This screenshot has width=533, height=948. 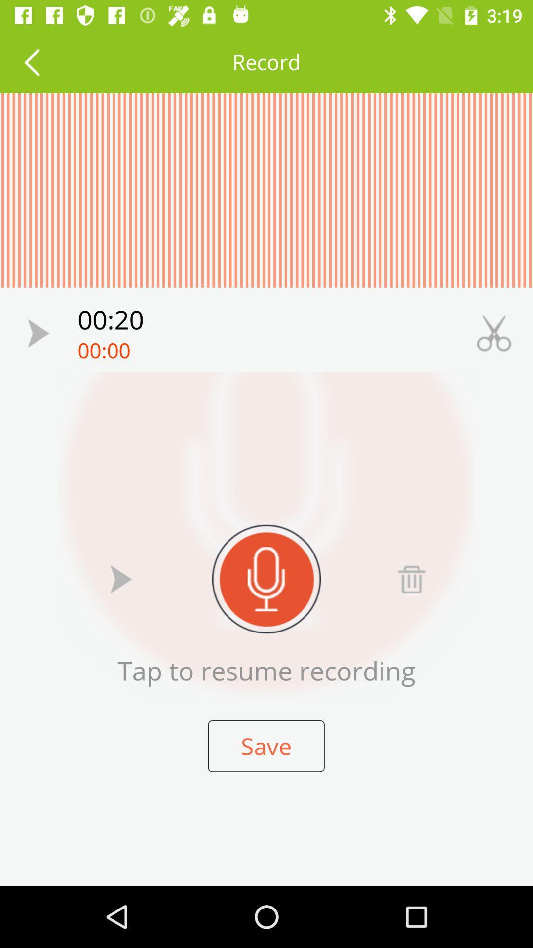 What do you see at coordinates (266, 746) in the screenshot?
I see `the icon below tap to resume item` at bounding box center [266, 746].